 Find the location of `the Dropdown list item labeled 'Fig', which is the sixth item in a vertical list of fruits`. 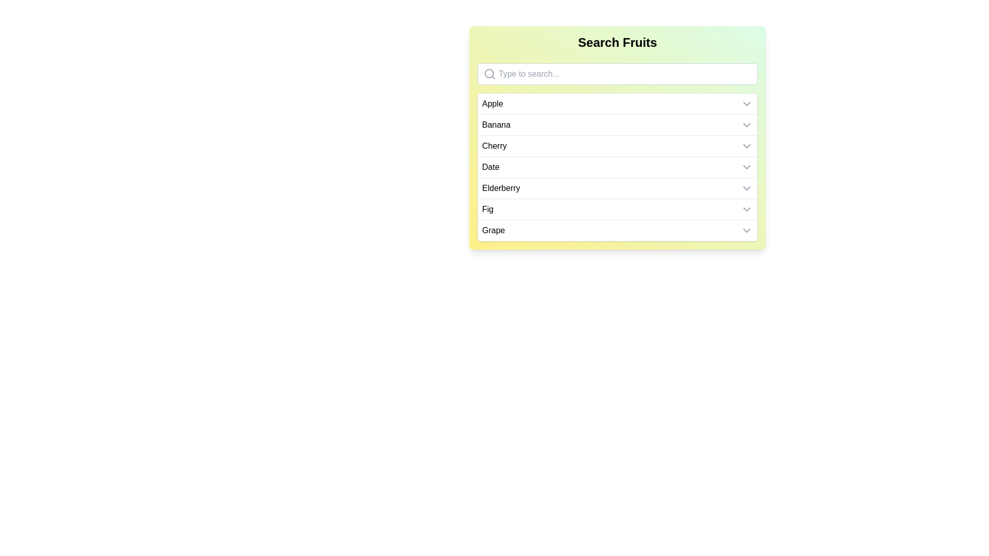

the Dropdown list item labeled 'Fig', which is the sixth item in a vertical list of fruits is located at coordinates (618, 209).